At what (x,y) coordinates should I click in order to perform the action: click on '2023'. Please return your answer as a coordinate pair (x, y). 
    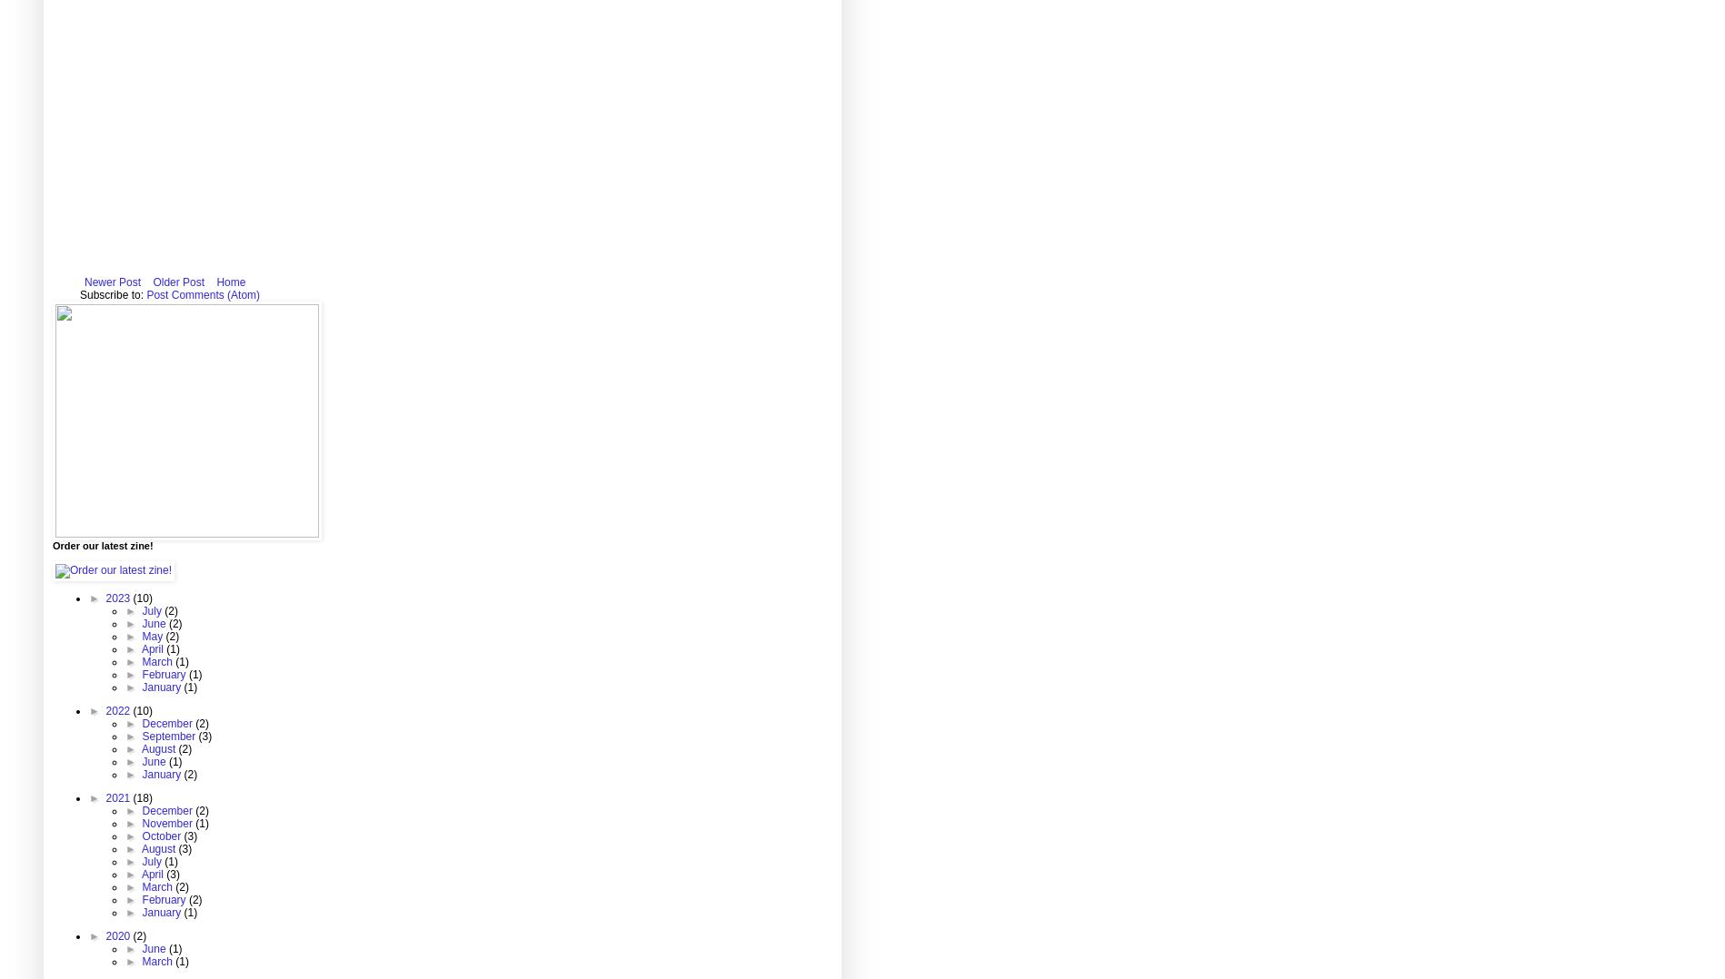
    Looking at the image, I should click on (105, 598).